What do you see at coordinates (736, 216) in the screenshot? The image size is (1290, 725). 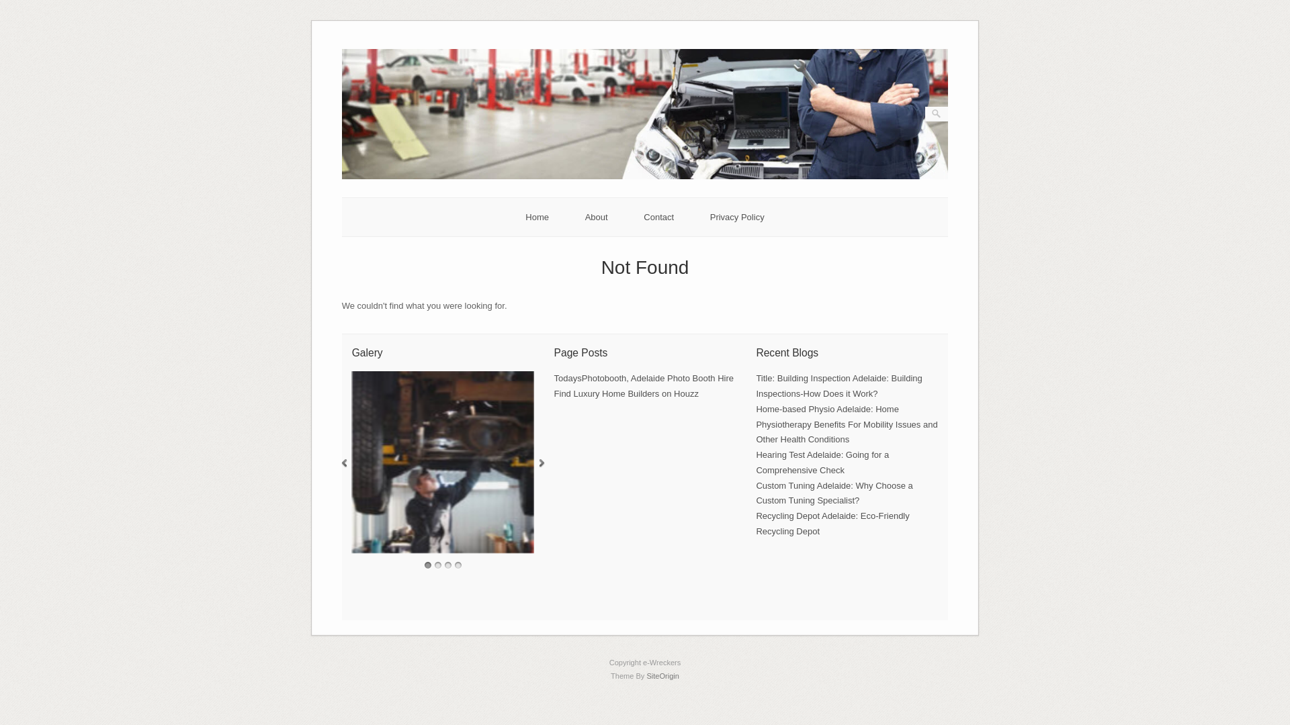 I see `'Privacy Policy'` at bounding box center [736, 216].